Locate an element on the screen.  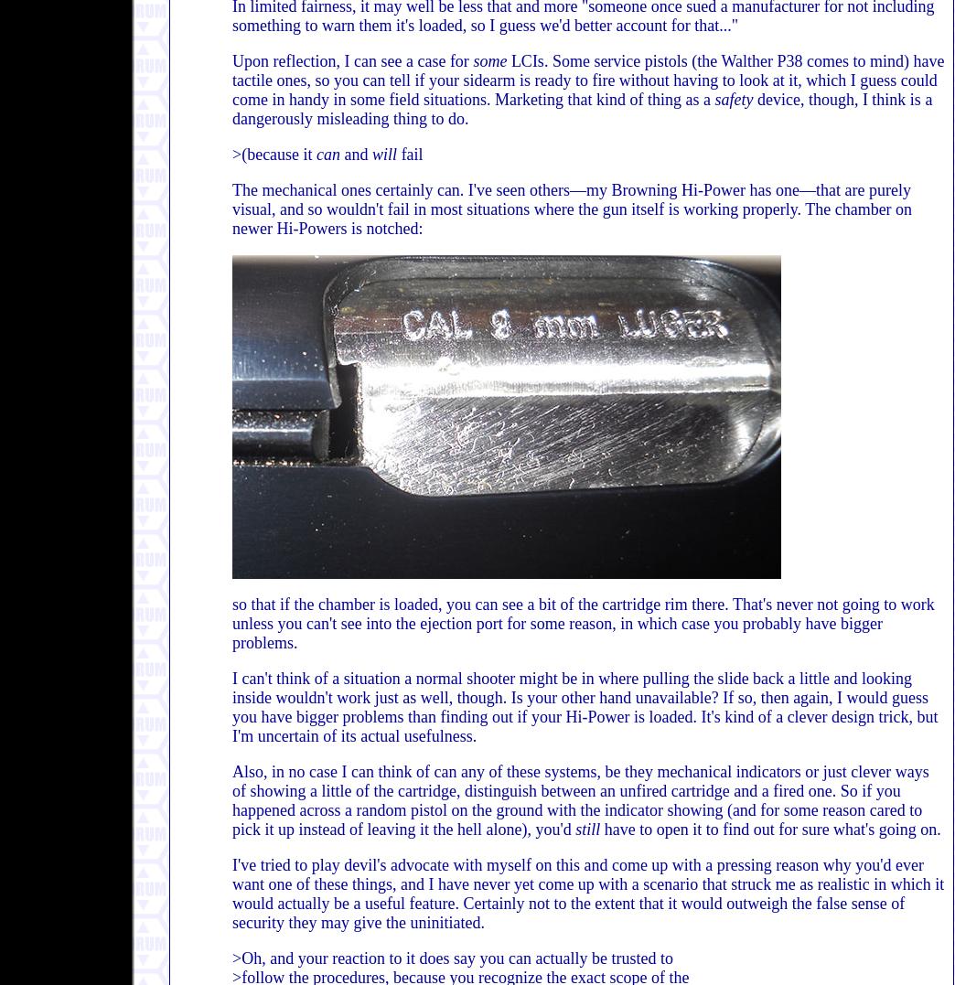
'still' is located at coordinates (587, 830).